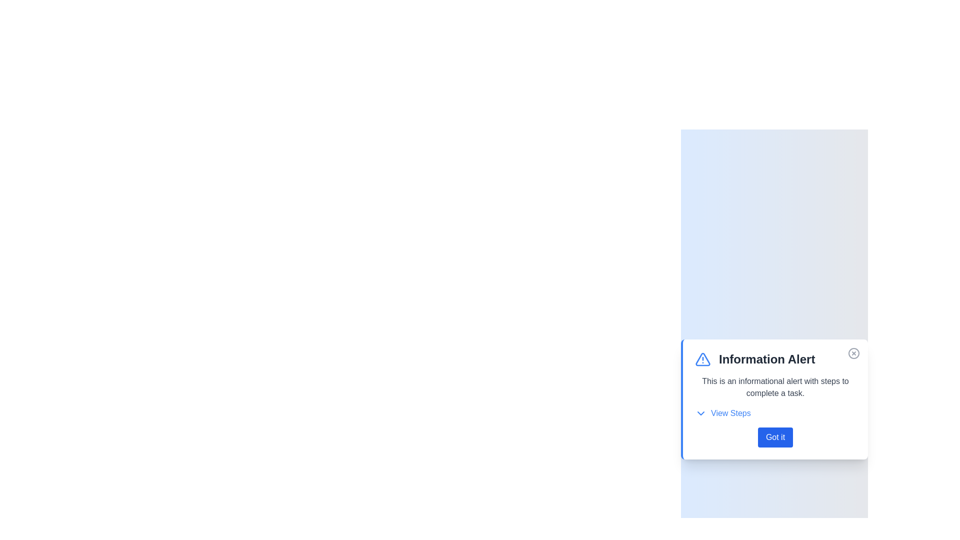 This screenshot has height=540, width=960. Describe the element at coordinates (774, 437) in the screenshot. I see `the 'Got it' button to acknowledge the alert` at that location.